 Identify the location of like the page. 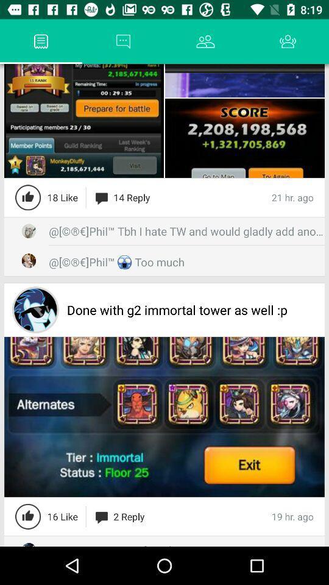
(28, 516).